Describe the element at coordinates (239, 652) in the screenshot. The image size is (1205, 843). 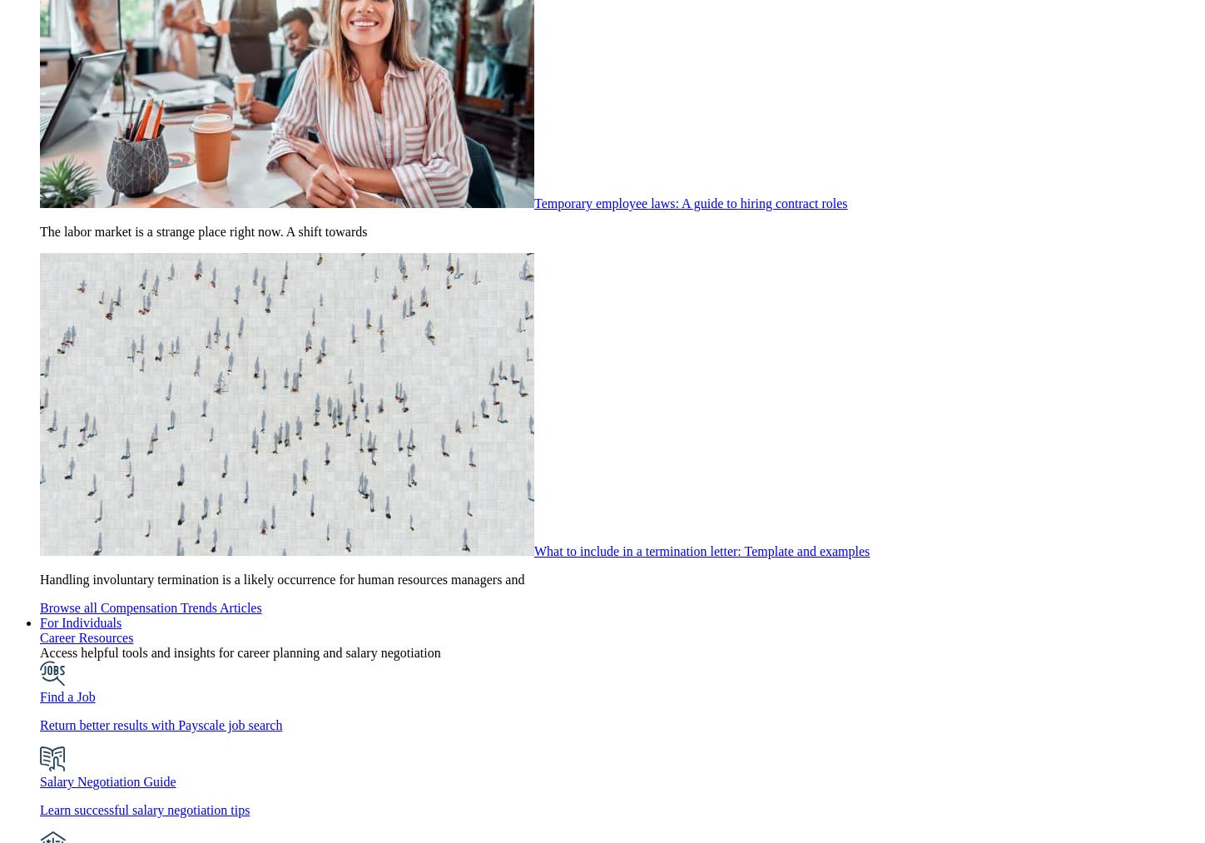
I see `'Access helpful tools and insights for career planning and salary negotiation'` at that location.